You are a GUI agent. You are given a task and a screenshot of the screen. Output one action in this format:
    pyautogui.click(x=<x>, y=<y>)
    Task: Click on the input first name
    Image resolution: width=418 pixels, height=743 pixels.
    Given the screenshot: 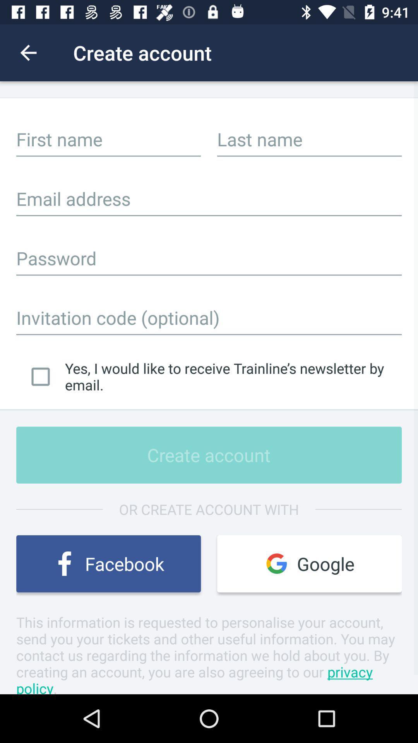 What is the action you would take?
    pyautogui.click(x=108, y=139)
    